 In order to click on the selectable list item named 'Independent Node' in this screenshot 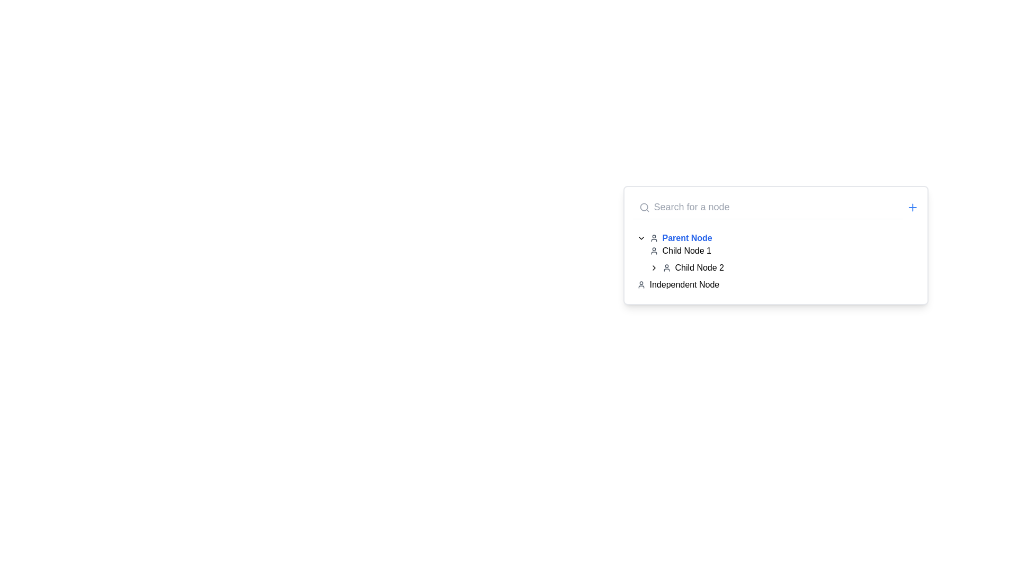, I will do `click(684, 284)`.